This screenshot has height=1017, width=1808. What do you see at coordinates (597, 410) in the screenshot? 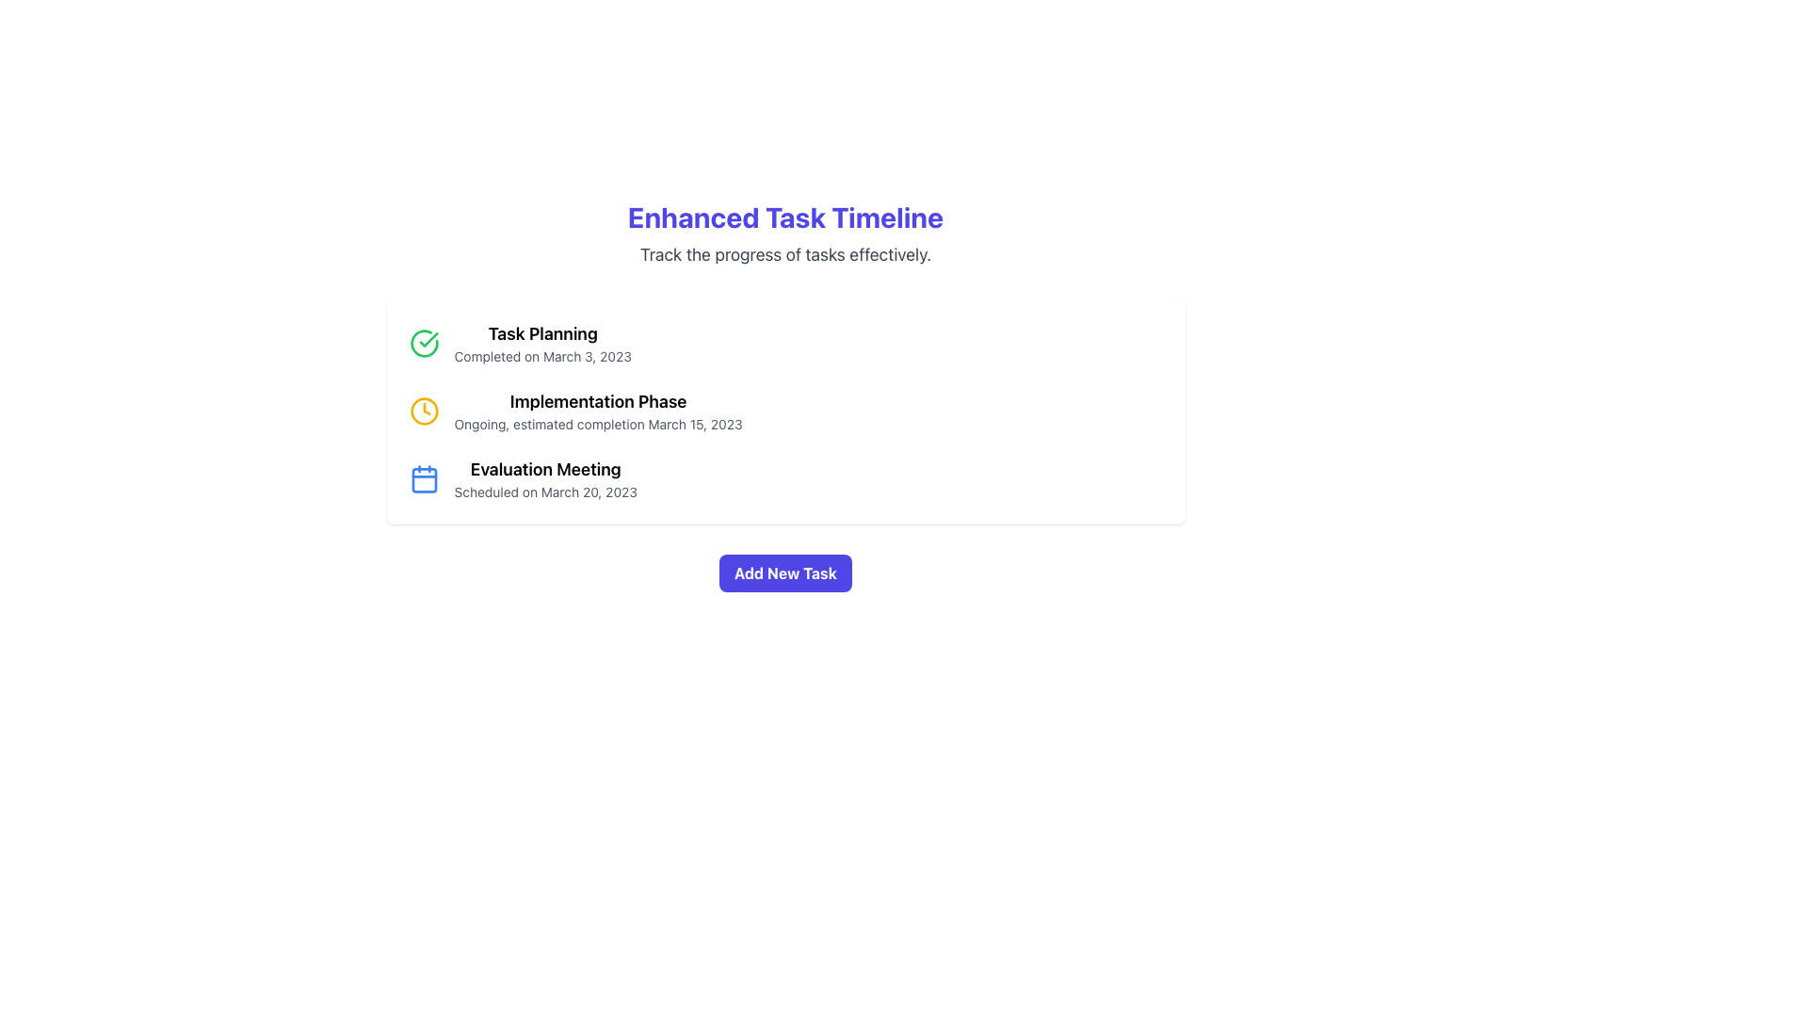
I see `text block that contains 'Implementation Phase' in bold and 'Ongoing, estimated completion March 15, 2023' in smaller gray text, positioned between a yellow clock icon and white space` at bounding box center [597, 410].